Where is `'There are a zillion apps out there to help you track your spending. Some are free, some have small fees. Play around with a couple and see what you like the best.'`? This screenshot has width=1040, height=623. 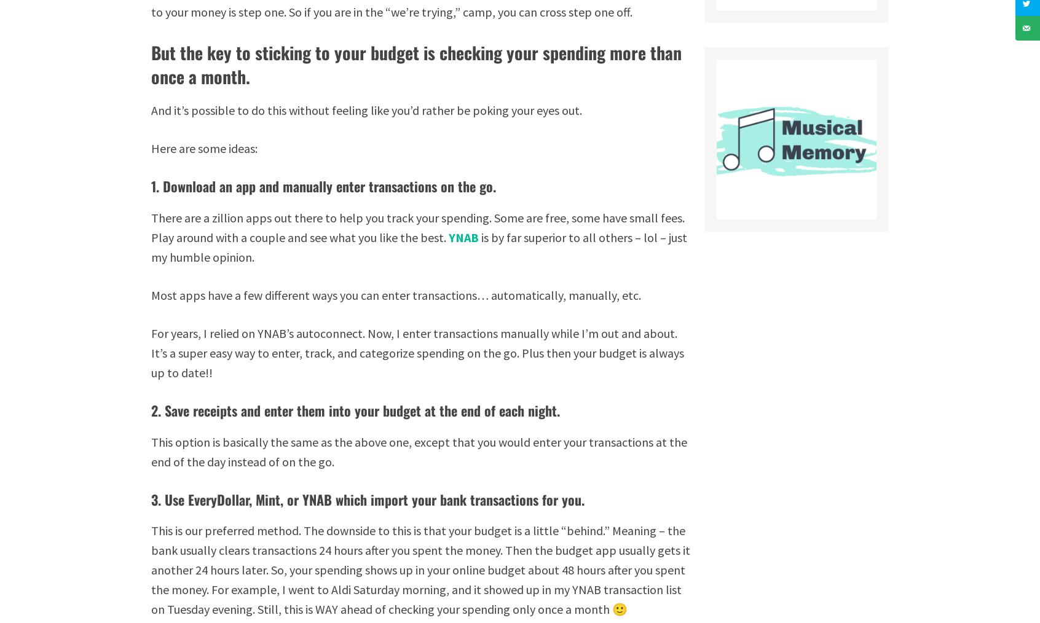 'There are a zillion apps out there to help you track your spending. Some are free, some have small fees. Play around with a couple and see what you like the best.' is located at coordinates (418, 226).